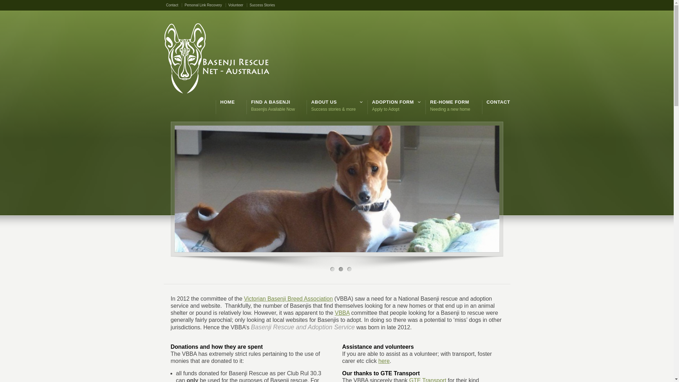 This screenshot has width=679, height=382. What do you see at coordinates (244, 299) in the screenshot?
I see `'Victorian Basenji Breed Association'` at bounding box center [244, 299].